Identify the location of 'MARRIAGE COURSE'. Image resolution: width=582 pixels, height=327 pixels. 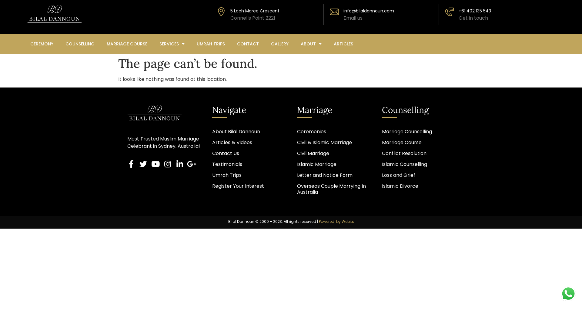
(126, 44).